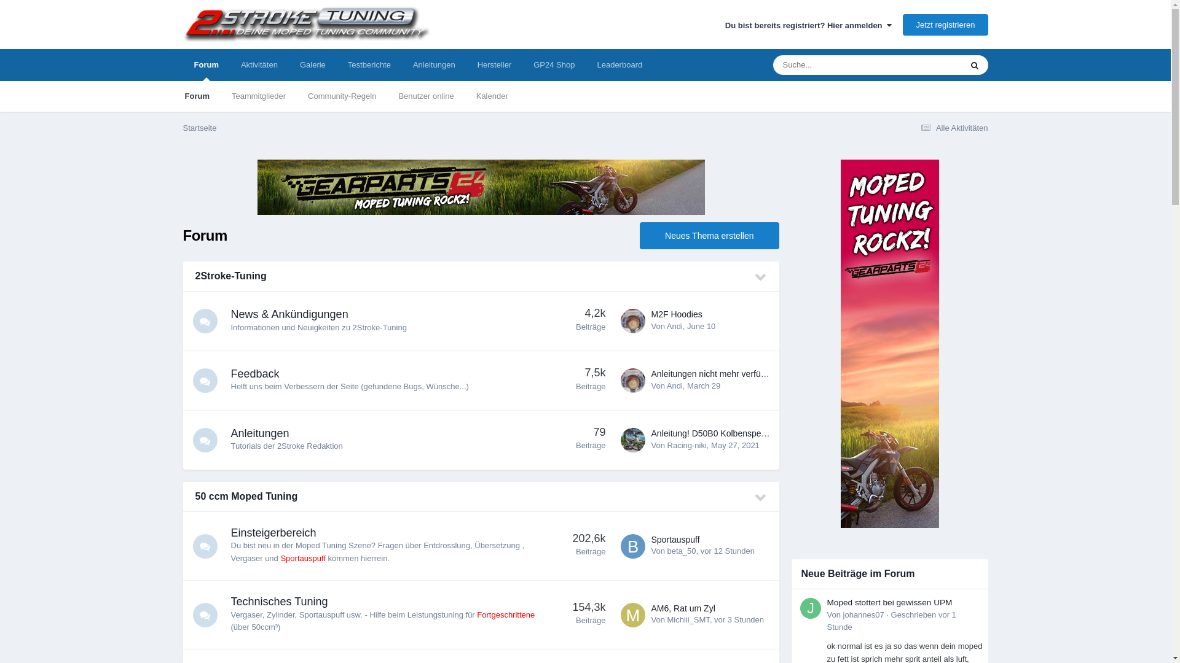 The width and height of the screenshot is (1180, 663). I want to click on 'GP24 Shop', so click(553, 64).